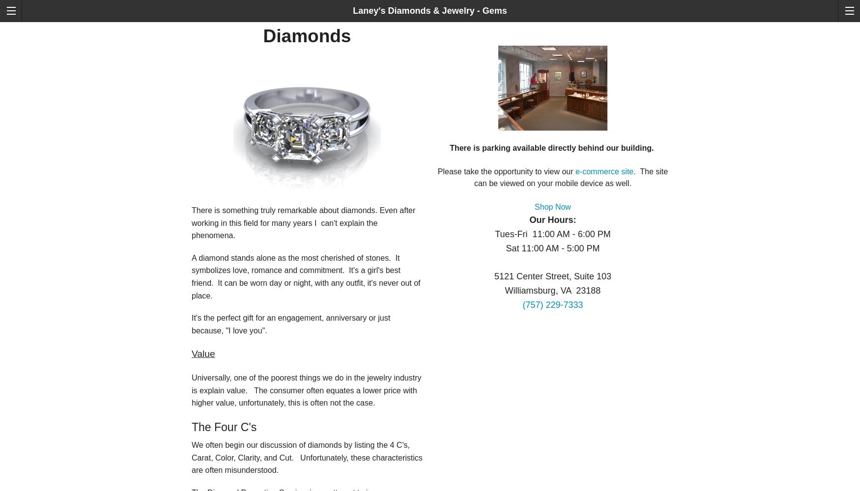  Describe the element at coordinates (430, 11) in the screenshot. I see `'Laney's Diamonds & Jewelry - Gems'` at that location.